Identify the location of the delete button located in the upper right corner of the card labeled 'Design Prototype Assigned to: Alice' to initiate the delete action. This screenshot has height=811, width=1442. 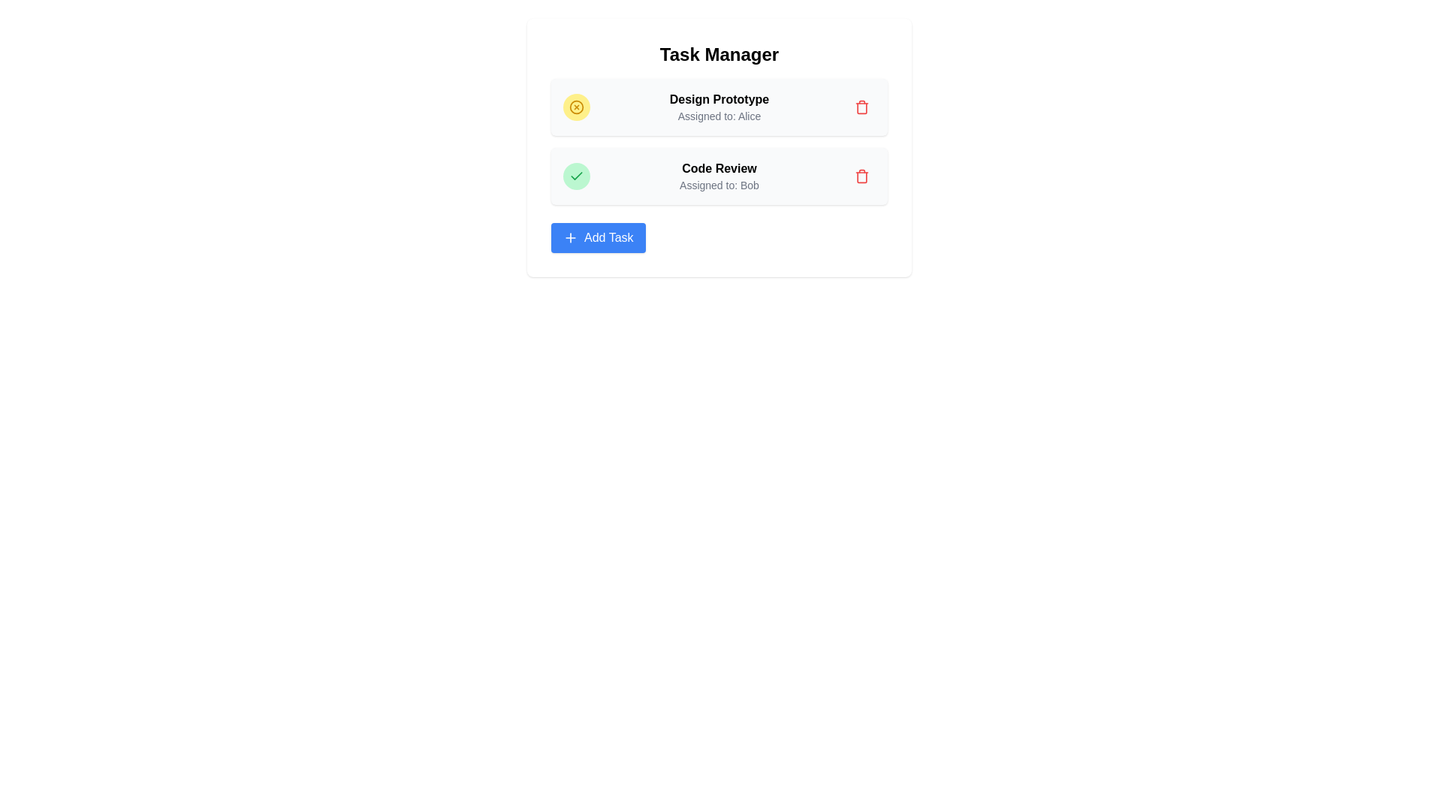
(861, 106).